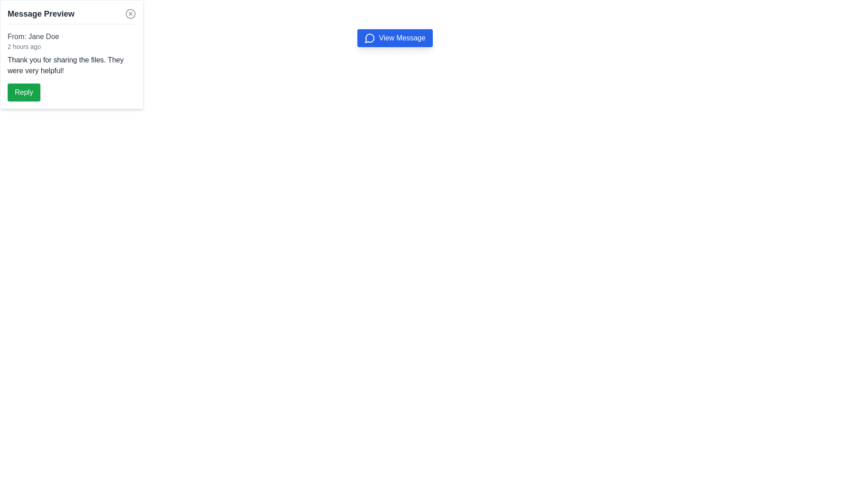 The image size is (862, 485). What do you see at coordinates (395, 37) in the screenshot?
I see `the button that allows users to view detailed messages, located centrally above its vertical midpoint in the interface, under the 'Message Preview' section` at bounding box center [395, 37].